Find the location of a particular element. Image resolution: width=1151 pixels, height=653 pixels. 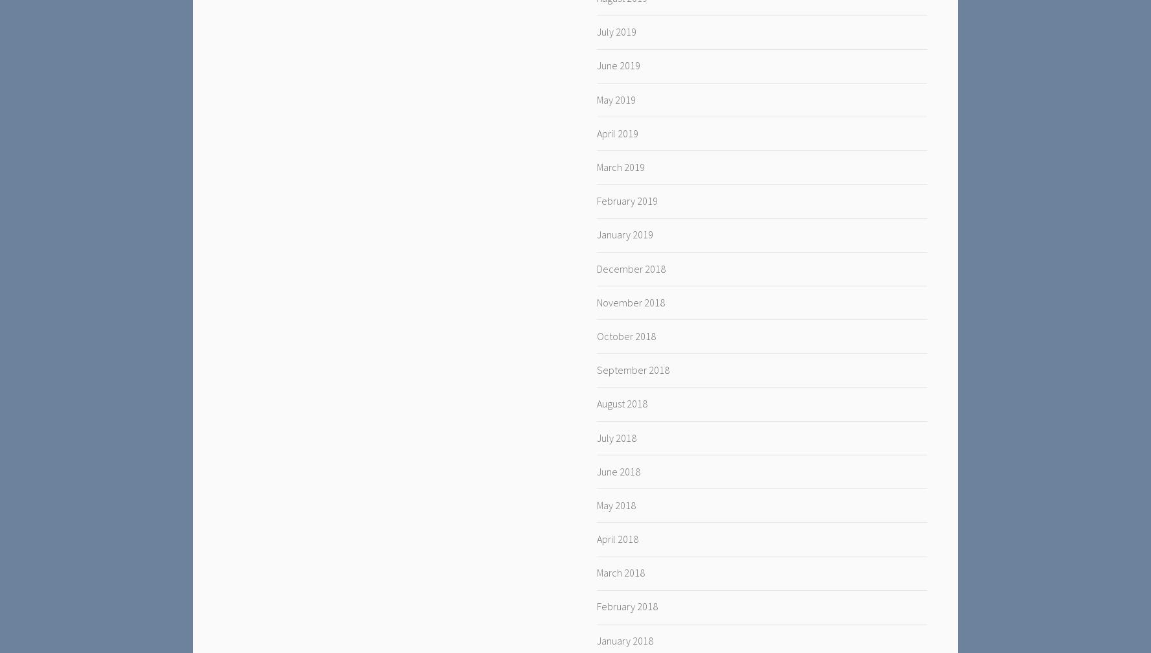

'June 2019' is located at coordinates (617, 65).